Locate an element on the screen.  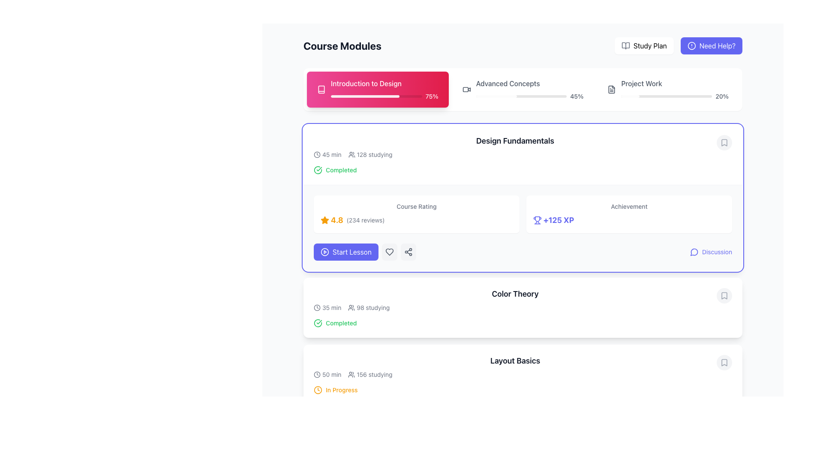
the text element indicating the number of users studying the 'Color Theory' module, which is positioned to the right of the '35 min' text element is located at coordinates (369, 307).